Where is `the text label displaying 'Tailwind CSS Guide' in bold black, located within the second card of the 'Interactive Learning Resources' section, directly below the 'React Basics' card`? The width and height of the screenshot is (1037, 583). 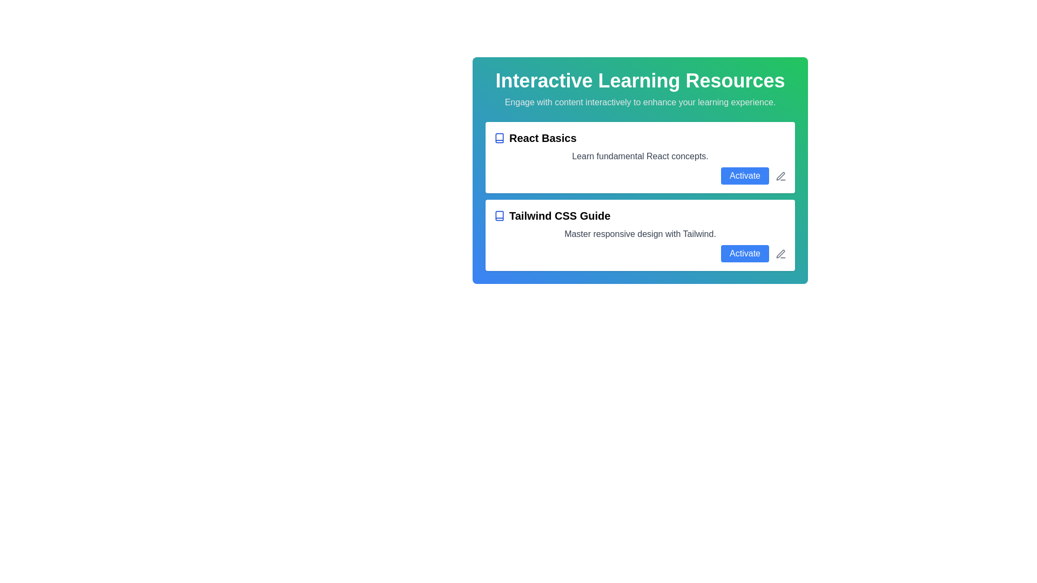
the text label displaying 'Tailwind CSS Guide' in bold black, located within the second card of the 'Interactive Learning Resources' section, directly below the 'React Basics' card is located at coordinates (560, 216).